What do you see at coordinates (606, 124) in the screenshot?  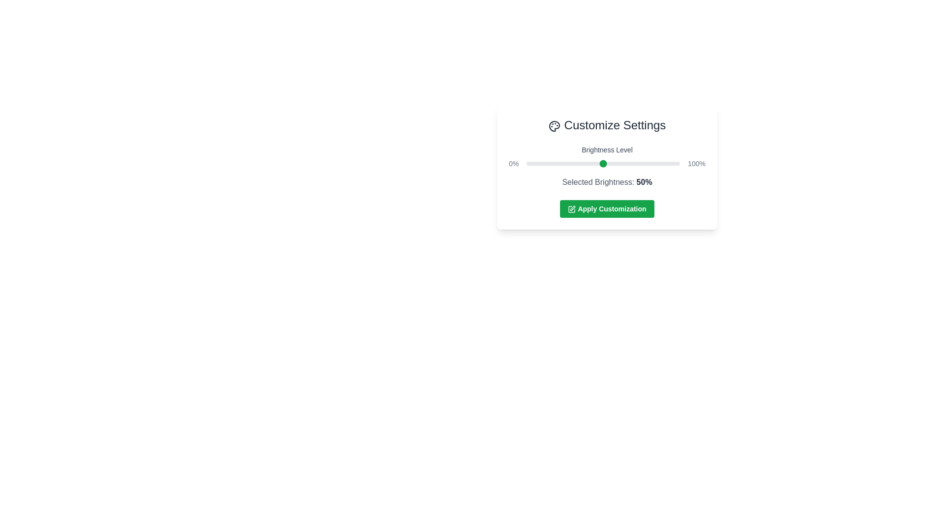 I see `the Text Header that serves as a title for the settings customization interface, located at the top of the centered card with customization settings` at bounding box center [606, 124].